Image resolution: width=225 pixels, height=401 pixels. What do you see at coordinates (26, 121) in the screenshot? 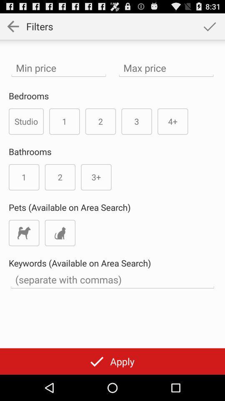
I see `the icon above the bathrooms item` at bounding box center [26, 121].